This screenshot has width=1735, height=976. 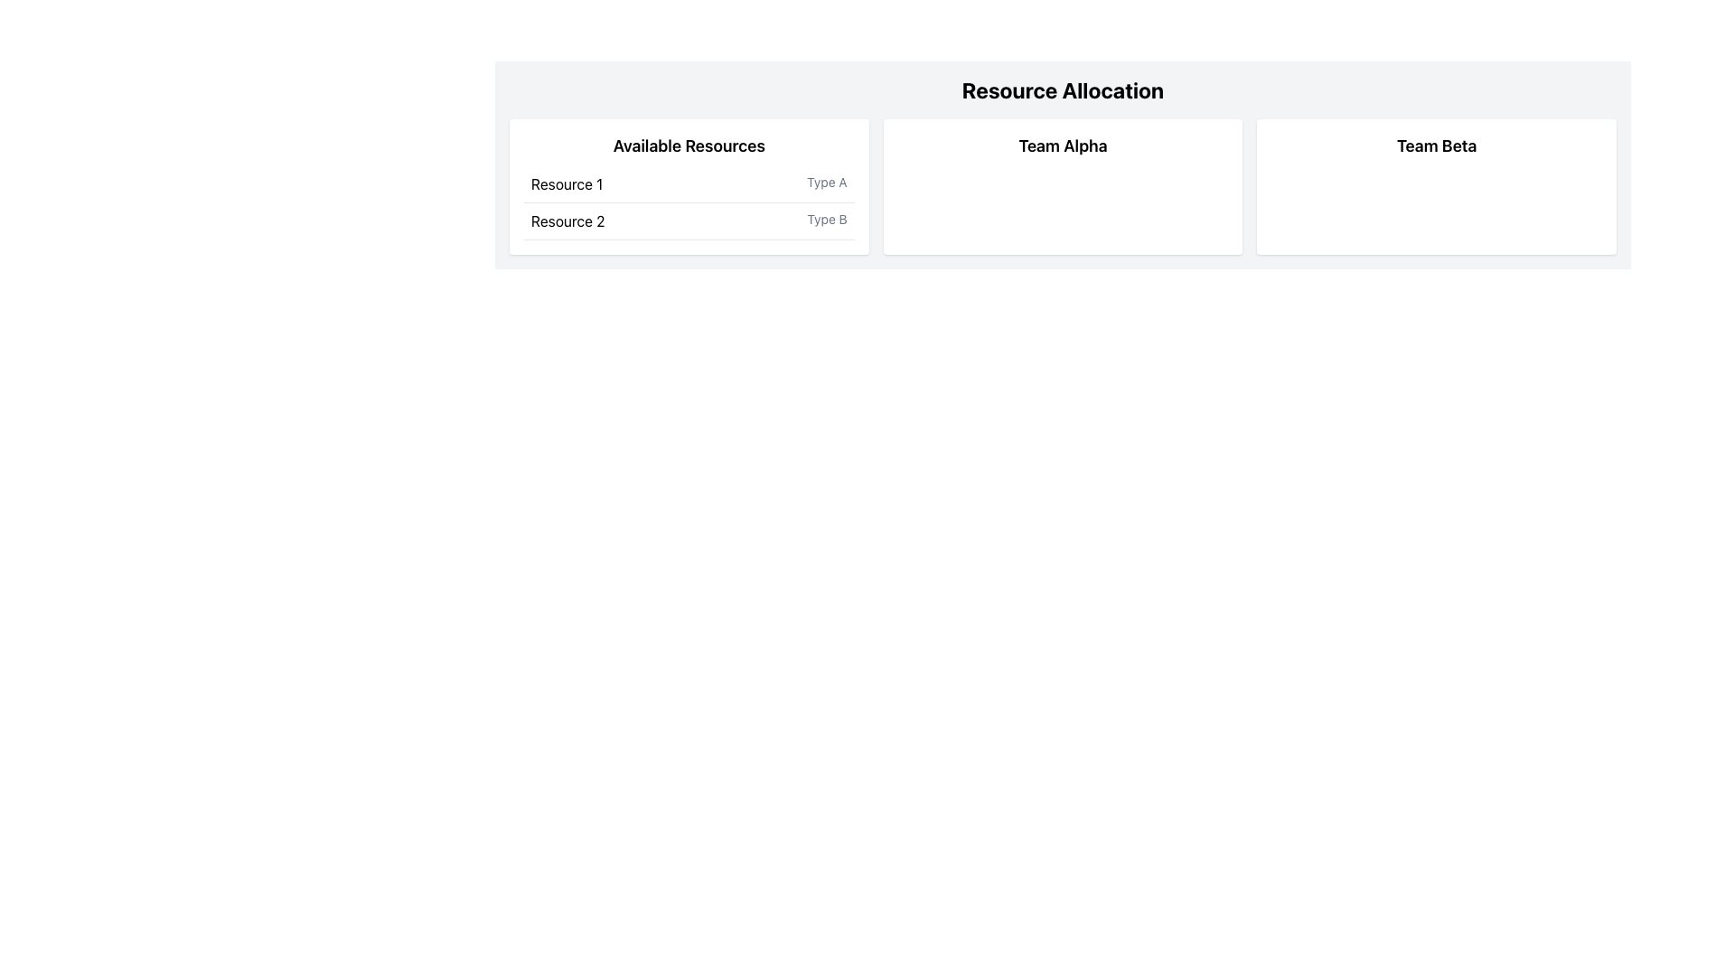 What do you see at coordinates (1436, 145) in the screenshot?
I see `text label 'Team Beta' which is bold and prominently displayed at the center of the rightmost card under the header 'Resource Allocation'` at bounding box center [1436, 145].